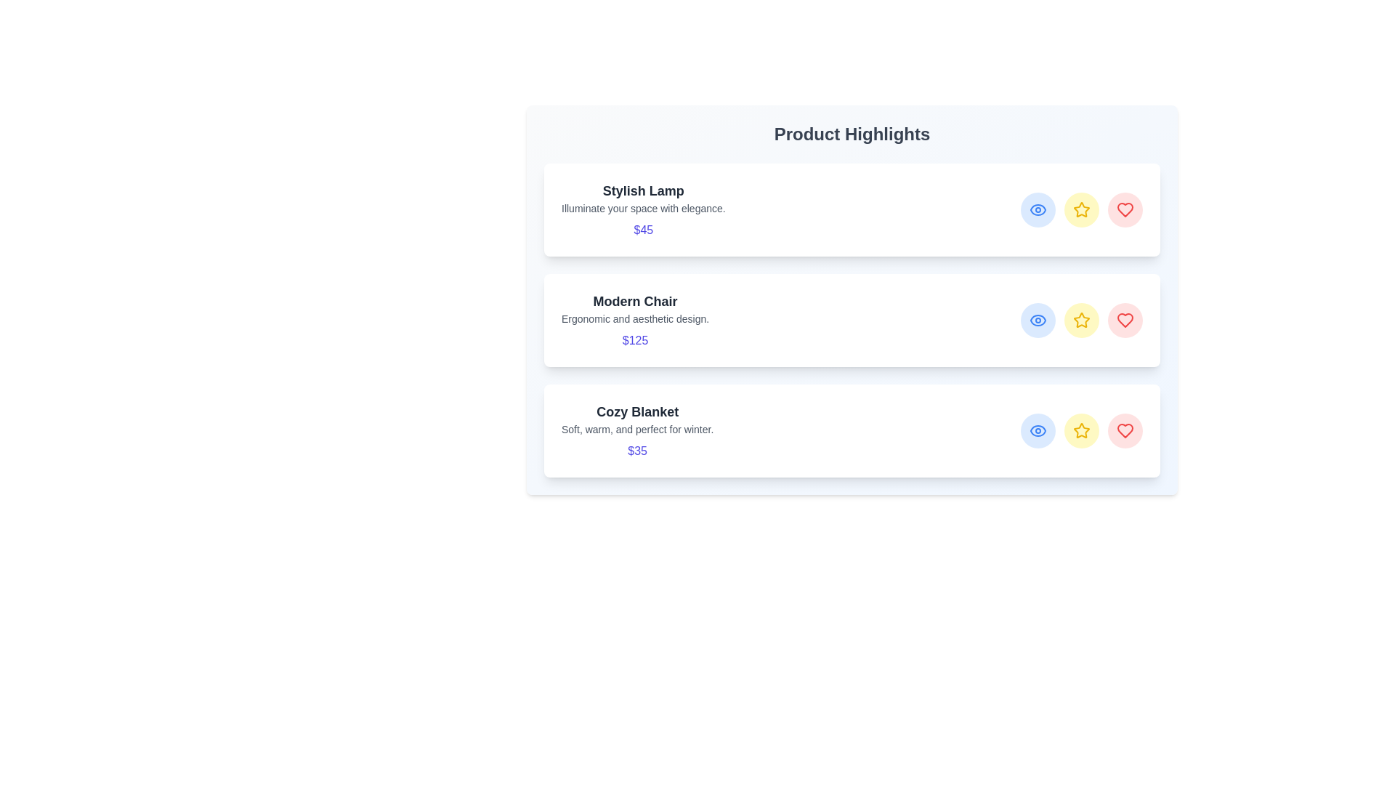  Describe the element at coordinates (1081, 430) in the screenshot. I see `star icon for the product titled Cozy Blanket to mark it as a favorite` at that location.